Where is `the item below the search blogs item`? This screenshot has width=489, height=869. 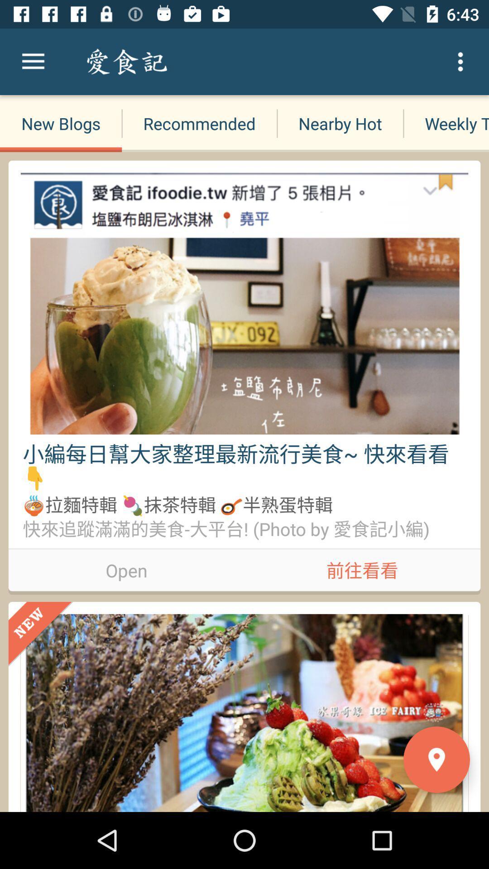 the item below the search blogs item is located at coordinates (199, 123).